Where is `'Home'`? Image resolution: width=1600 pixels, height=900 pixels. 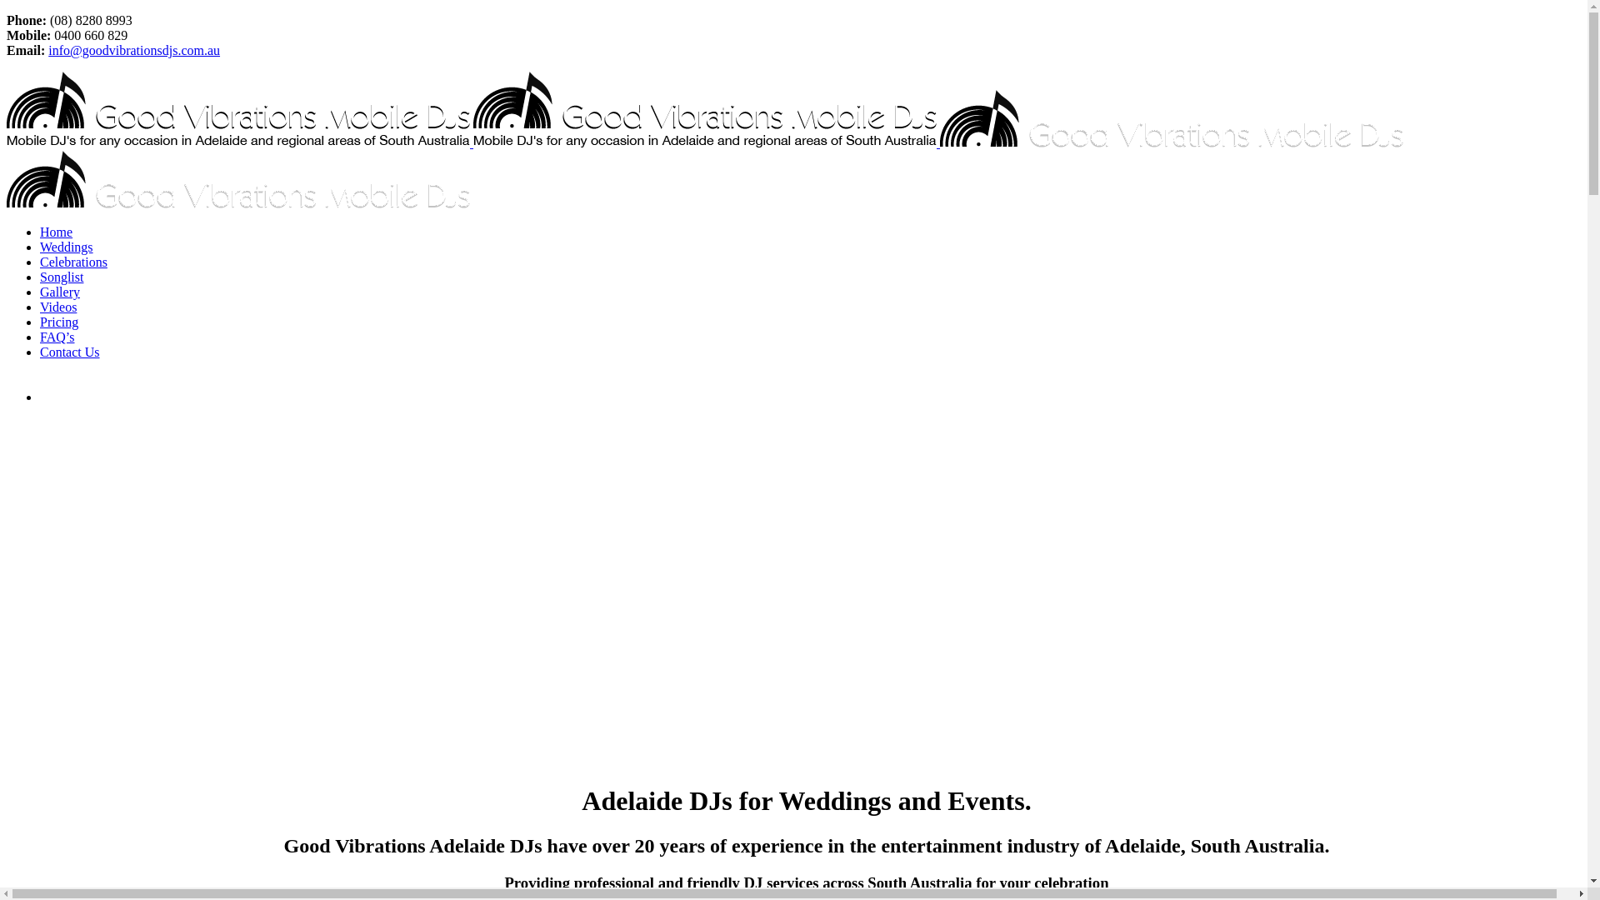 'Home' is located at coordinates (56, 232).